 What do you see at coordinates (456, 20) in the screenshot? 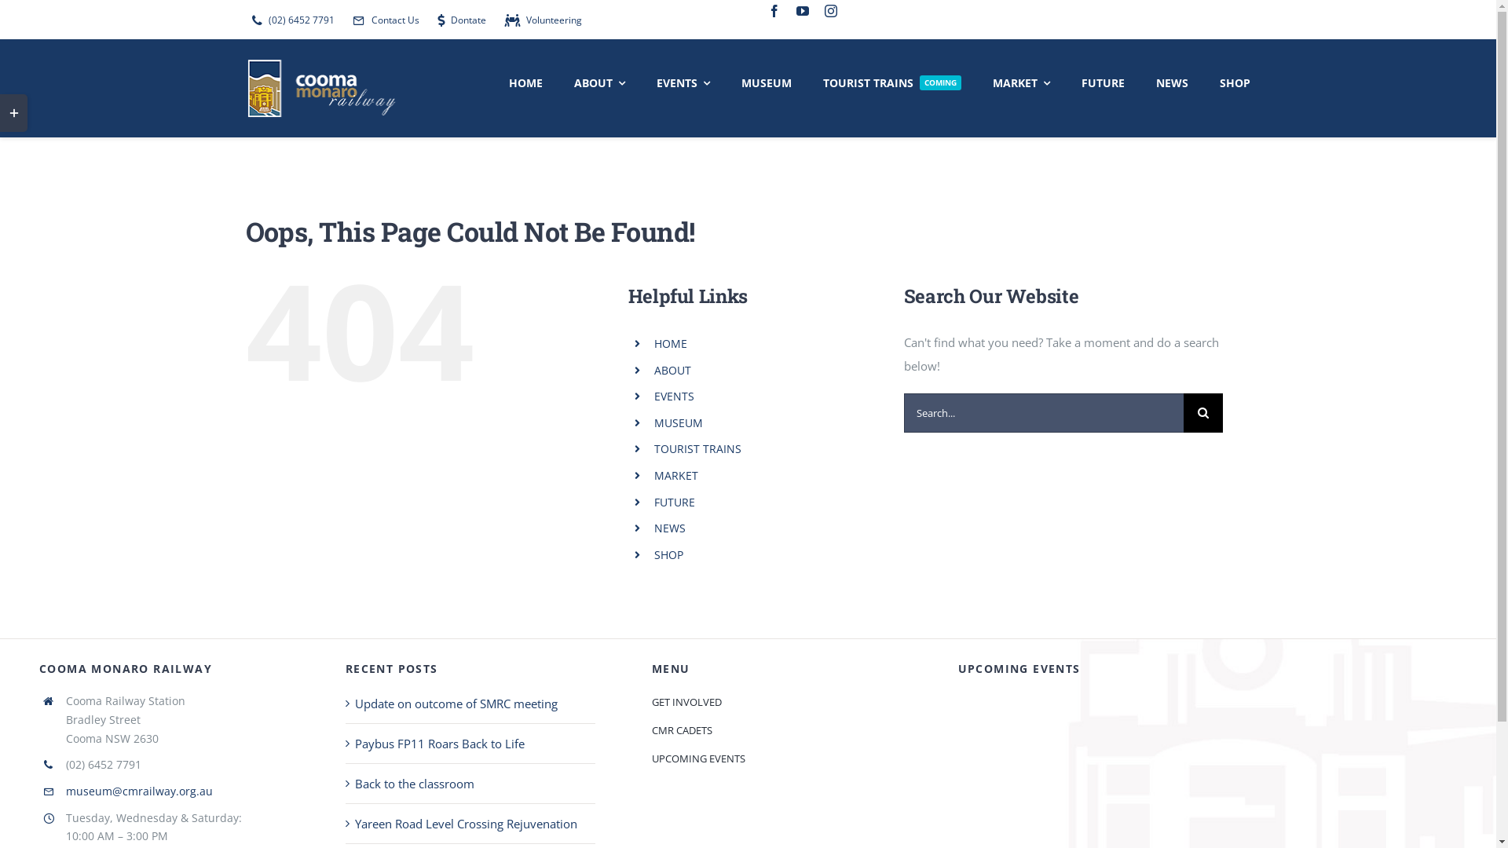
I see `'Dontate'` at bounding box center [456, 20].